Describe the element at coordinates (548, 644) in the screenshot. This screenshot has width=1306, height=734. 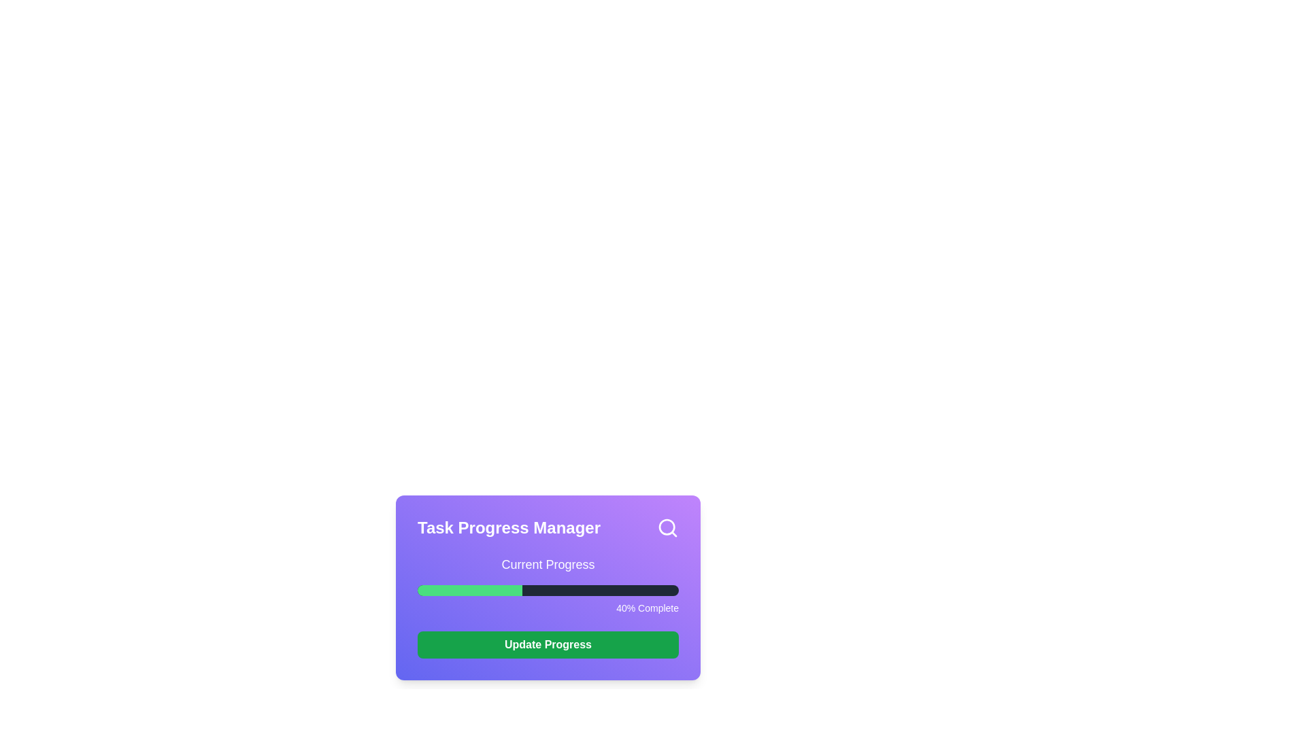
I see `the button located at the bottom of the 'Task Progress Manager' card to update the progress of the associated task` at that location.